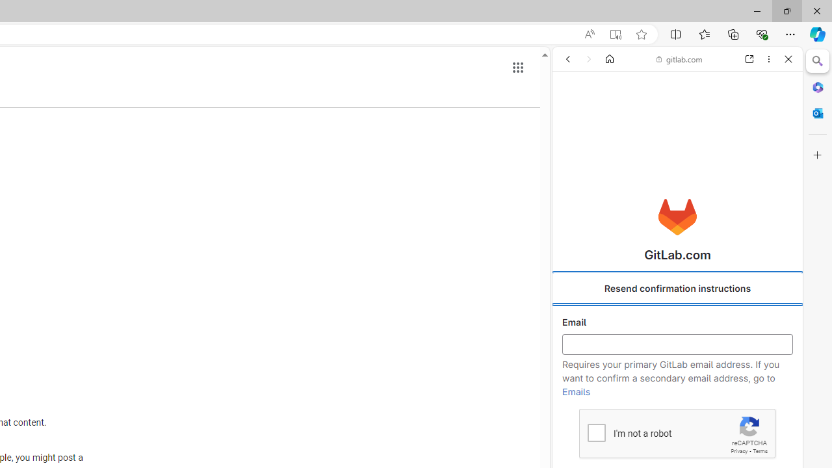 The image size is (832, 468). I want to click on 'Privacy', so click(738, 450).